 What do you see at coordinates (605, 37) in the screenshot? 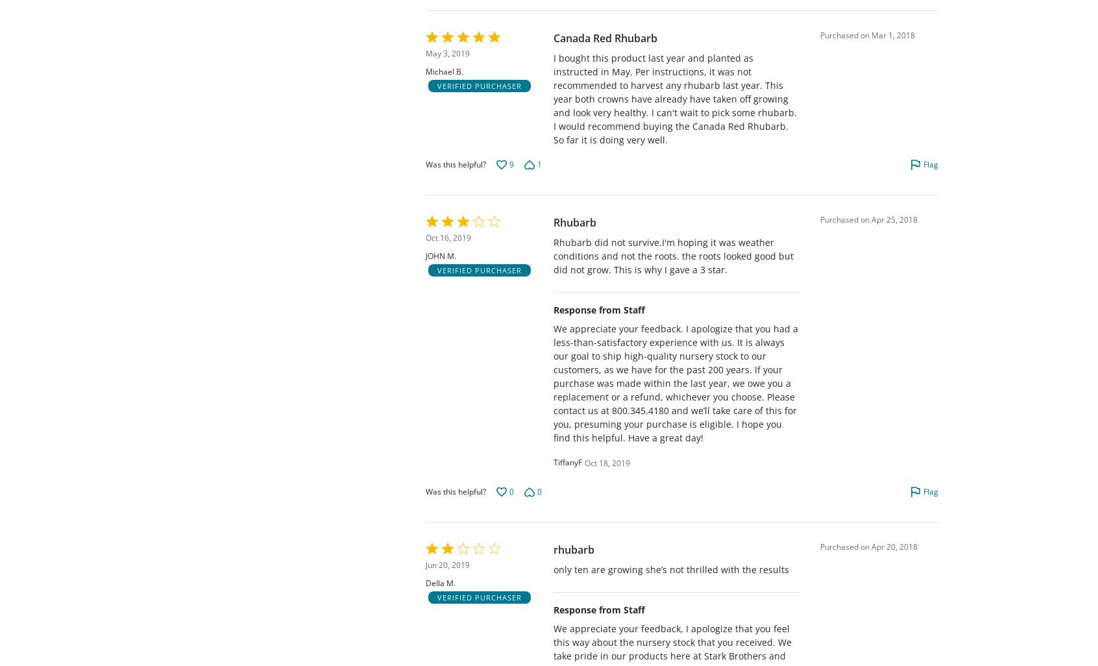
I see `'Canada Red Rhubarb'` at bounding box center [605, 37].